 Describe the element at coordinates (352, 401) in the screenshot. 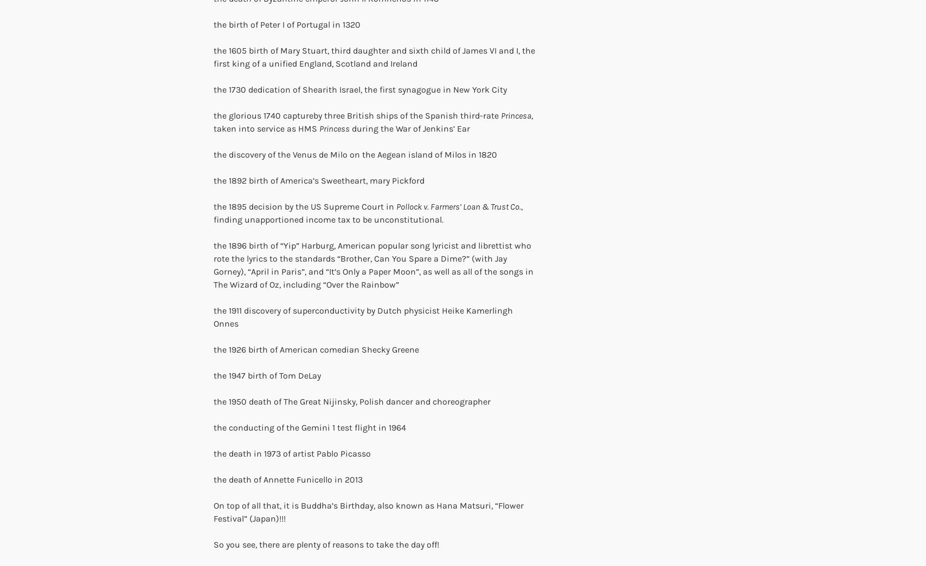

I see `'the 1950 death of The Great Nijinsky, Polish dancer and choreographer'` at that location.